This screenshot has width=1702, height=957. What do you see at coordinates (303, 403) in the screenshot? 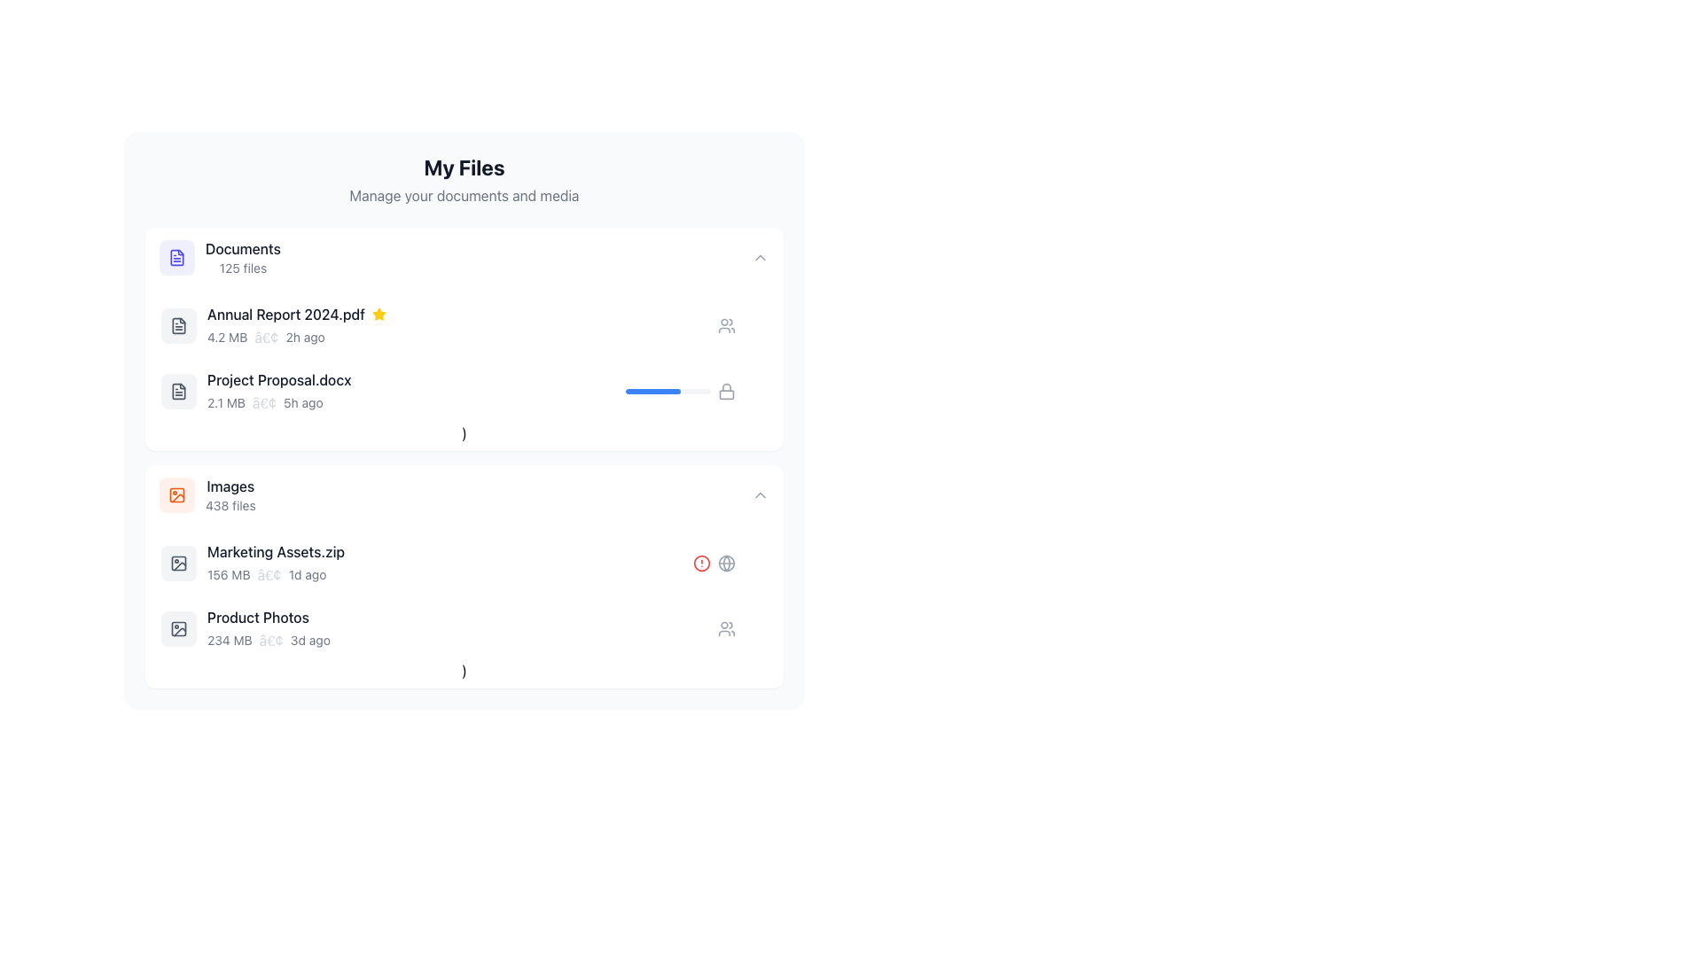
I see `the text label displaying '5h ago', which is styled as supplementary information next to other metadata elements in the Documents section` at bounding box center [303, 403].